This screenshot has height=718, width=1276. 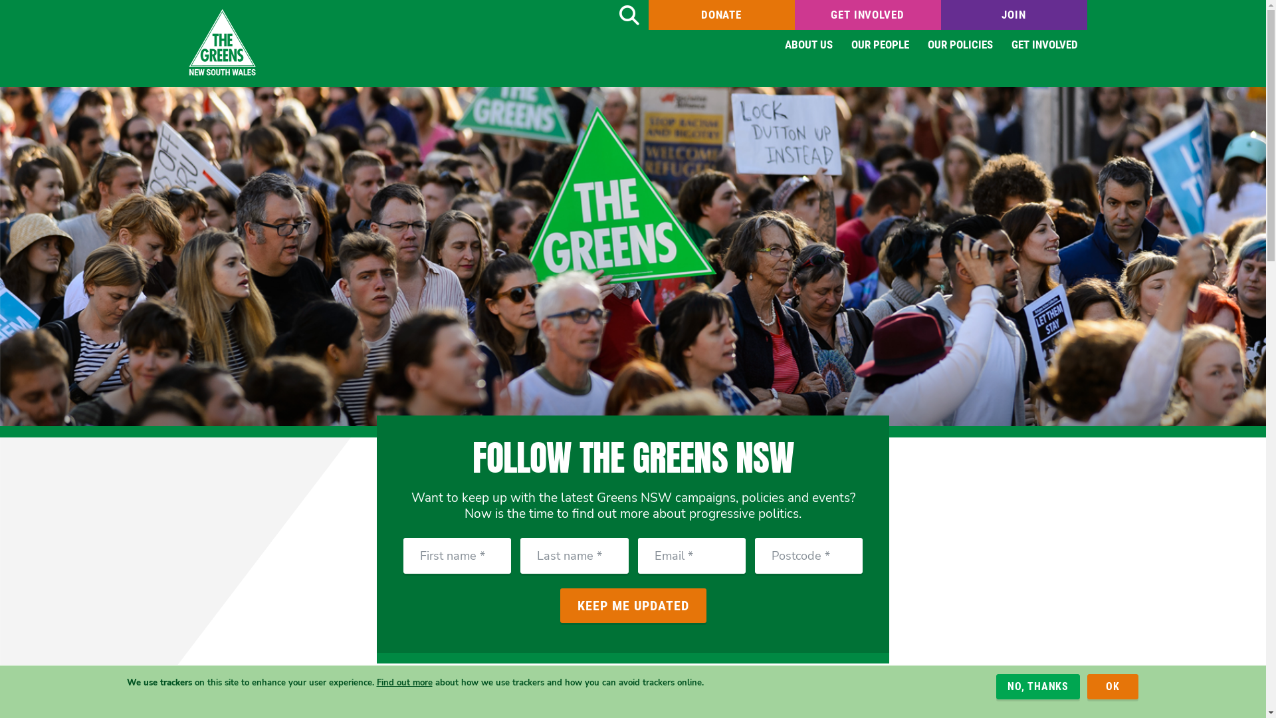 I want to click on 'JOIN', so click(x=940, y=15).